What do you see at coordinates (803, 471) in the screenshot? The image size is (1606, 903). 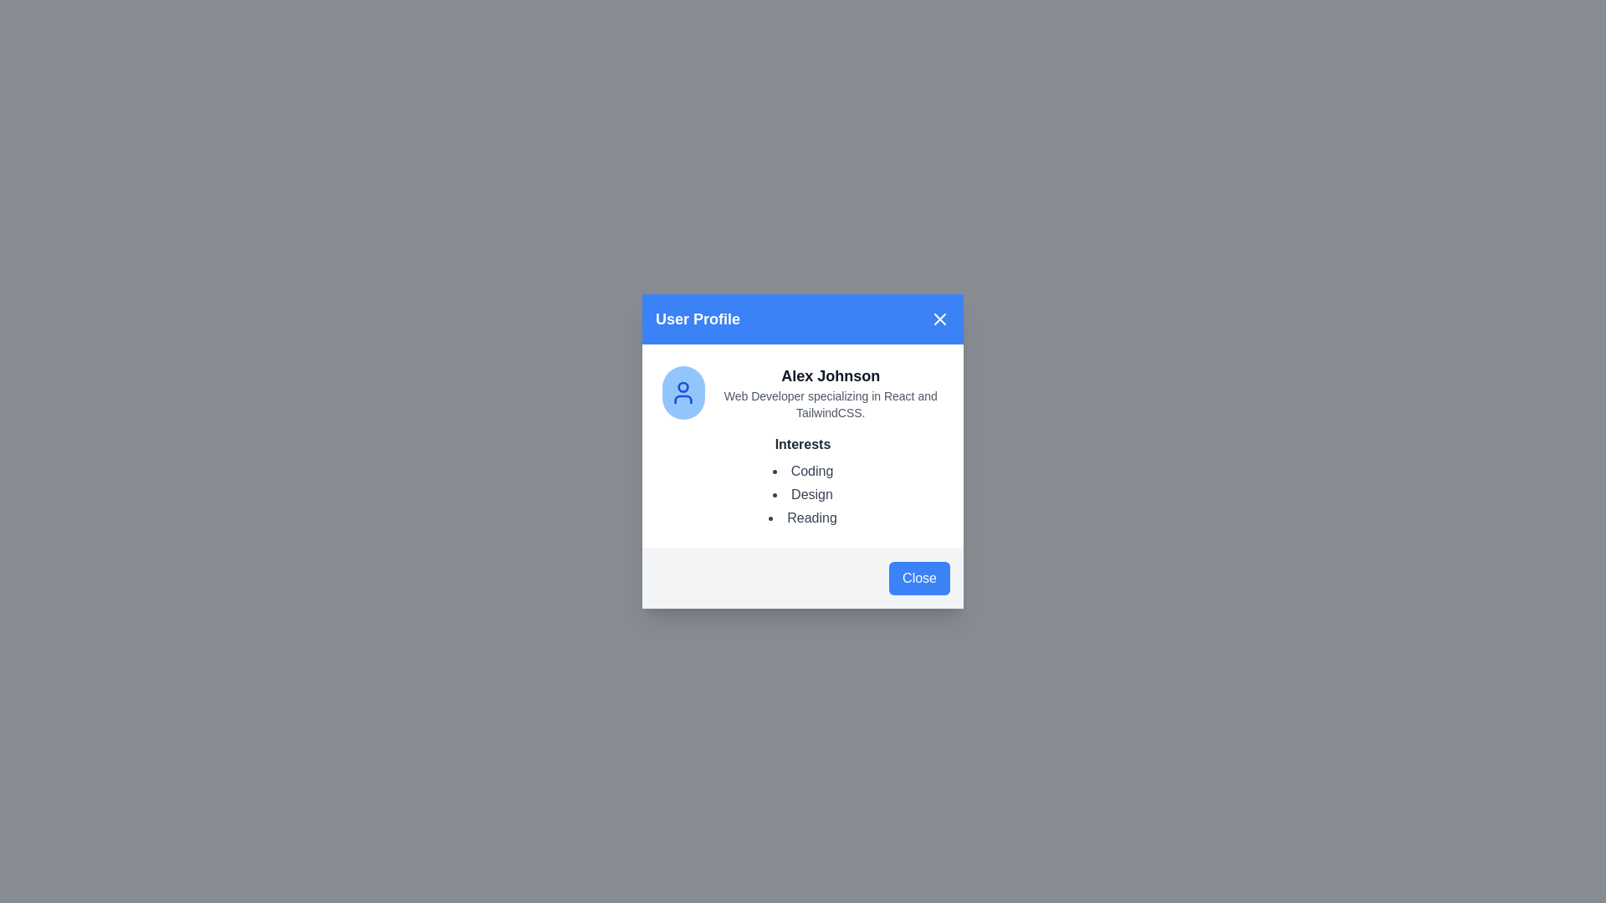 I see `the static text indicating the first item in the 'Interests' bullet list under the user's profile description` at bounding box center [803, 471].